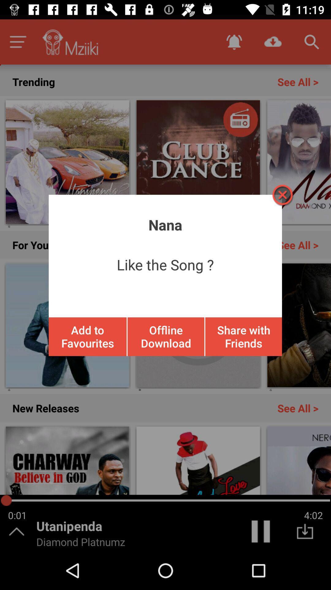 This screenshot has width=331, height=590. Describe the element at coordinates (282, 195) in the screenshot. I see `the close icon` at that location.